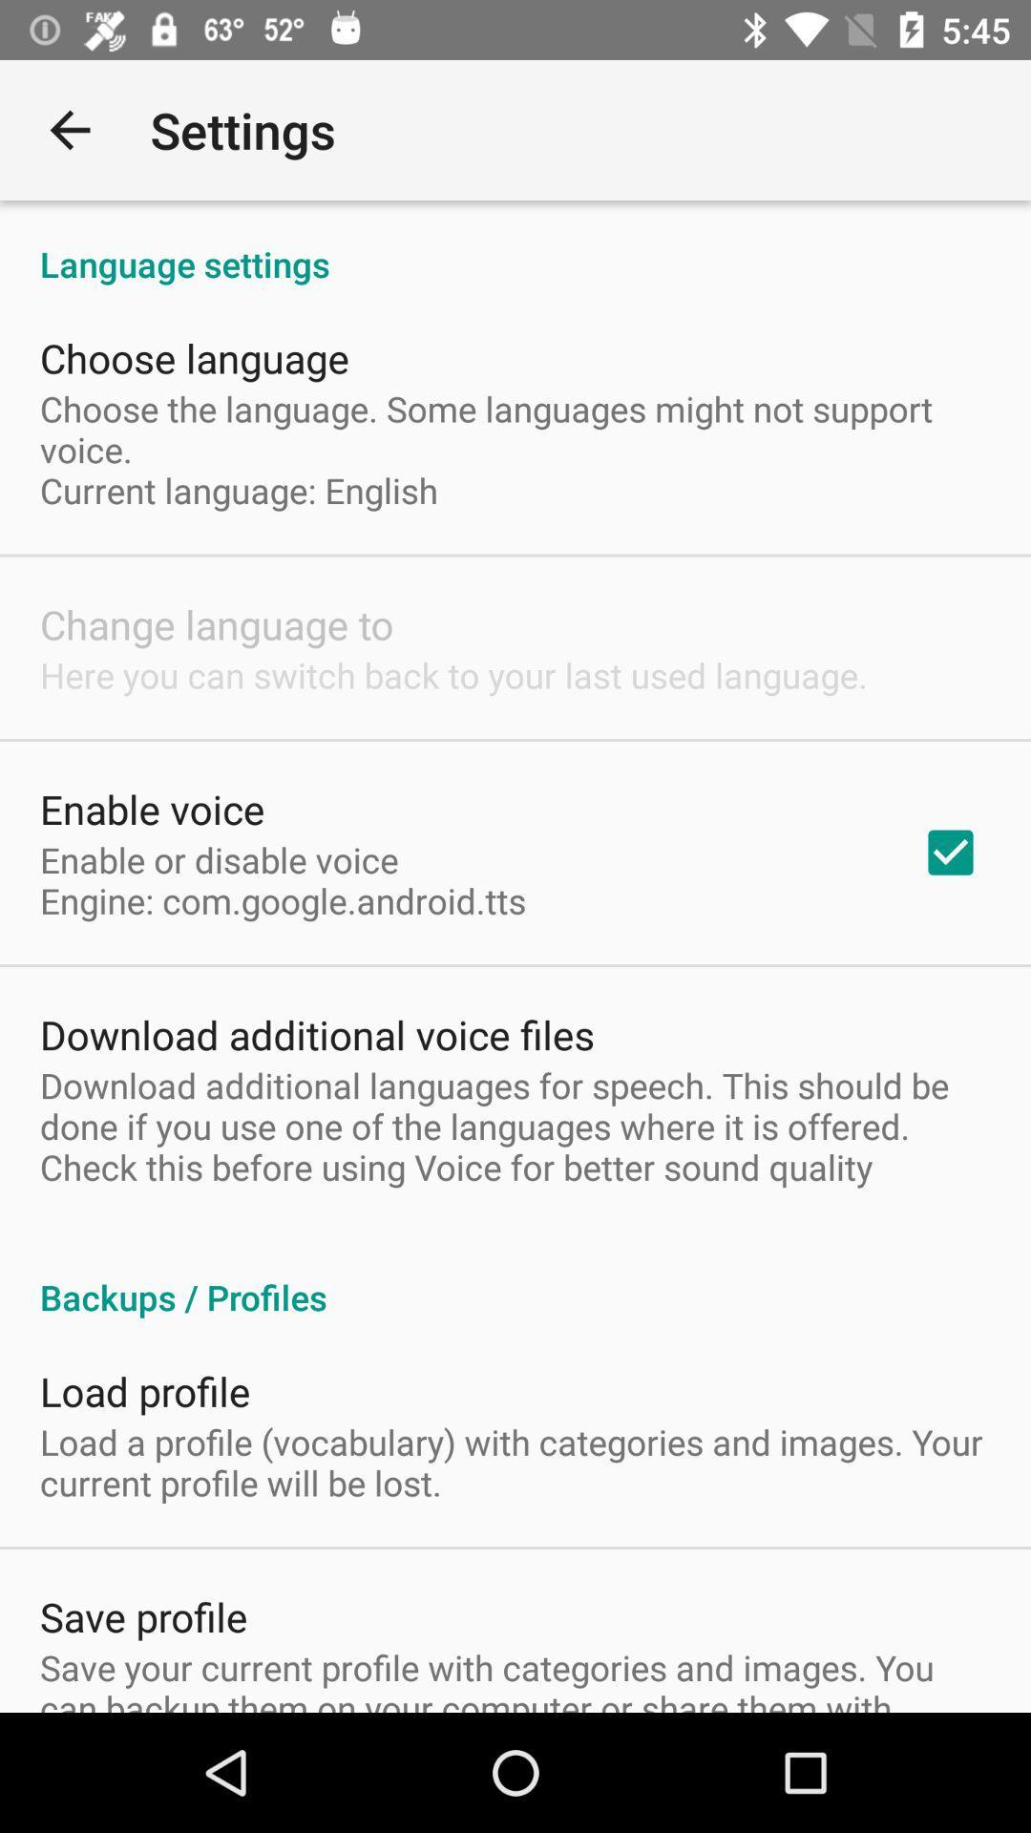  What do you see at coordinates (515, 1277) in the screenshot?
I see `item below download additional languages` at bounding box center [515, 1277].